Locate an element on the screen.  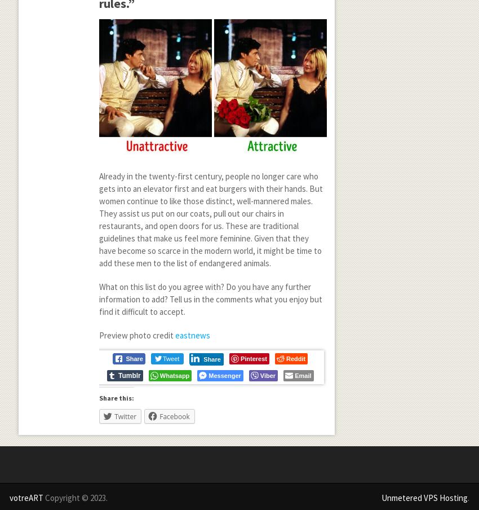
'Pinterest' is located at coordinates (252, 358).